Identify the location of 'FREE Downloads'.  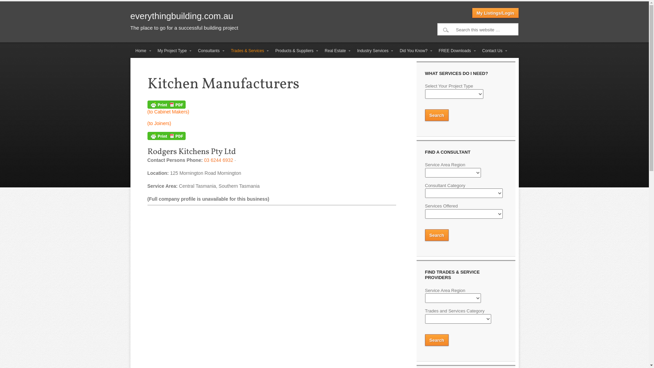
(455, 50).